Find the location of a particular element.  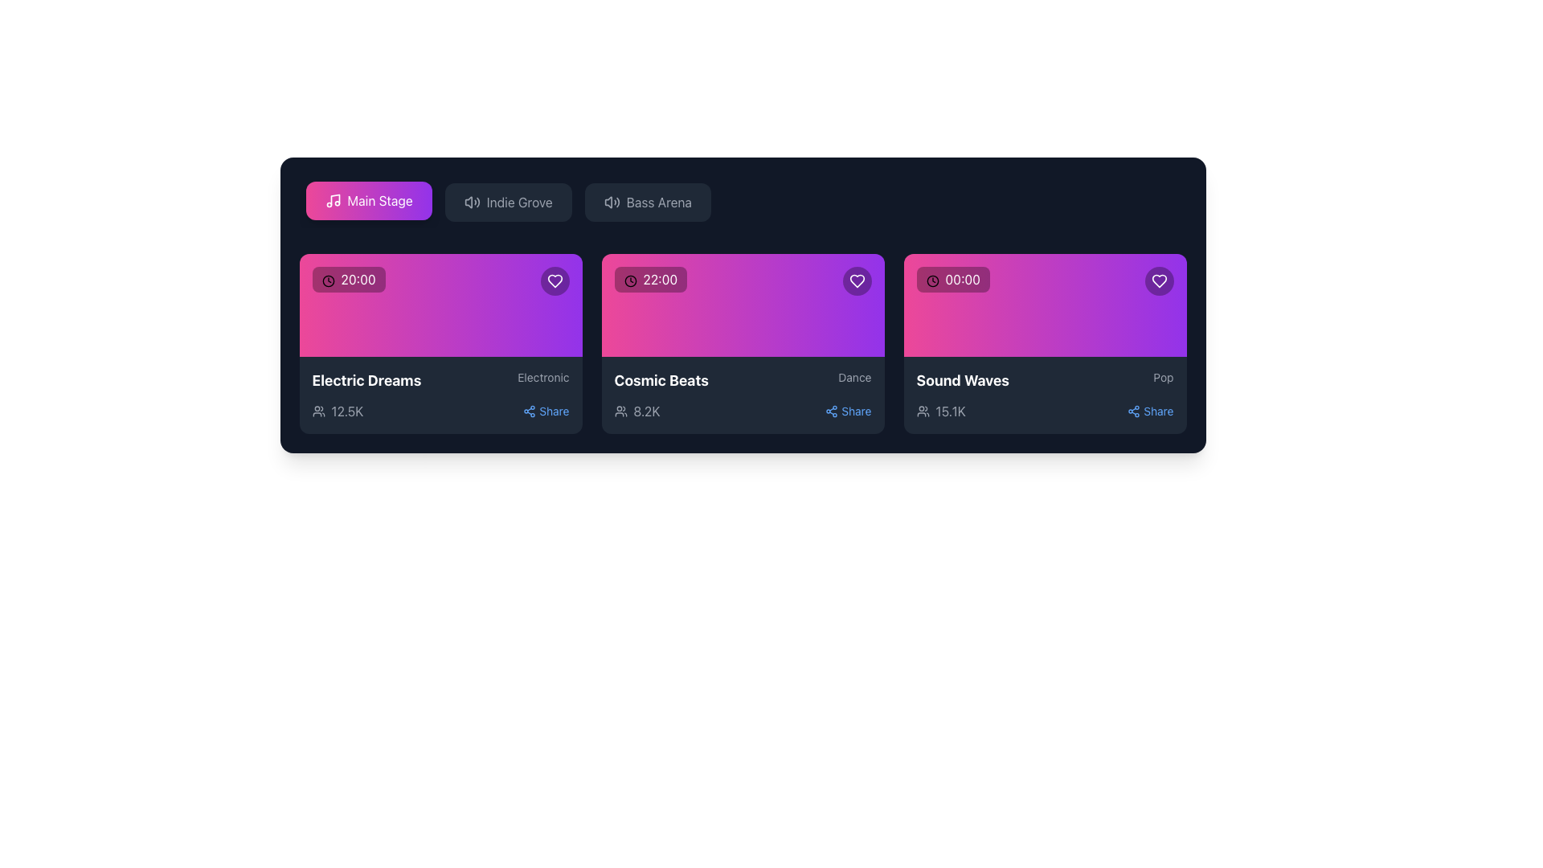

audience count value displayed as '8.2K' next to the icon of two human figures, located within the 'Cosmic Beats' card is located at coordinates (636, 411).